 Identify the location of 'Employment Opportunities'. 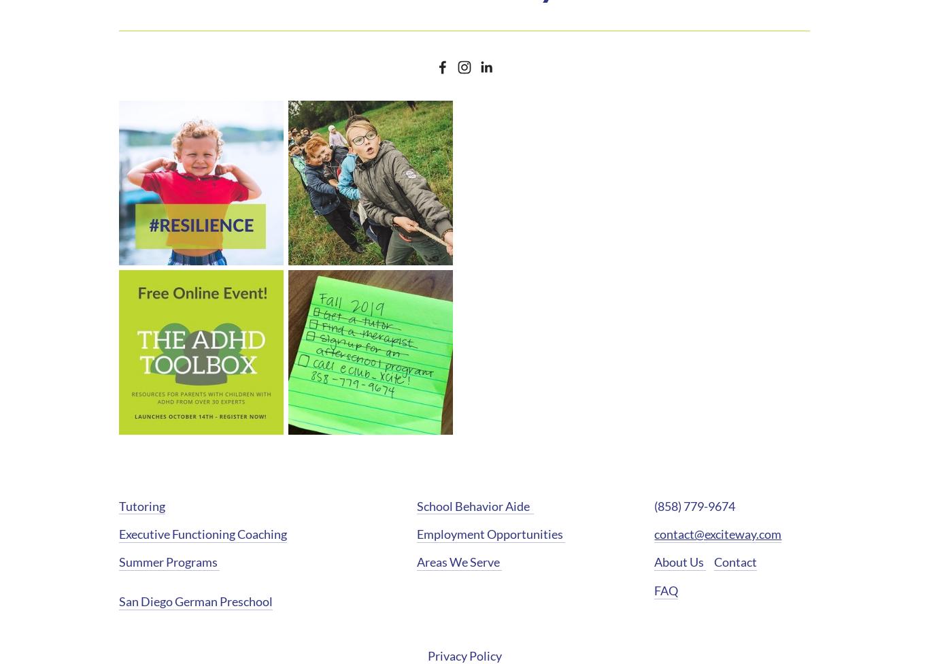
(490, 533).